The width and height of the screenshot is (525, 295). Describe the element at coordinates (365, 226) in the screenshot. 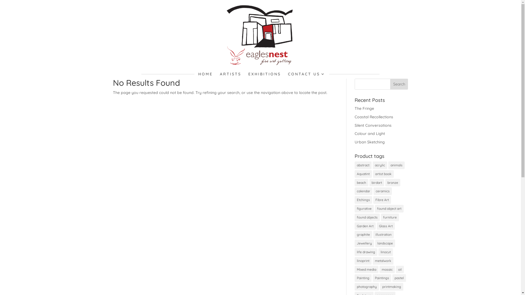

I see `'Garden Art'` at that location.